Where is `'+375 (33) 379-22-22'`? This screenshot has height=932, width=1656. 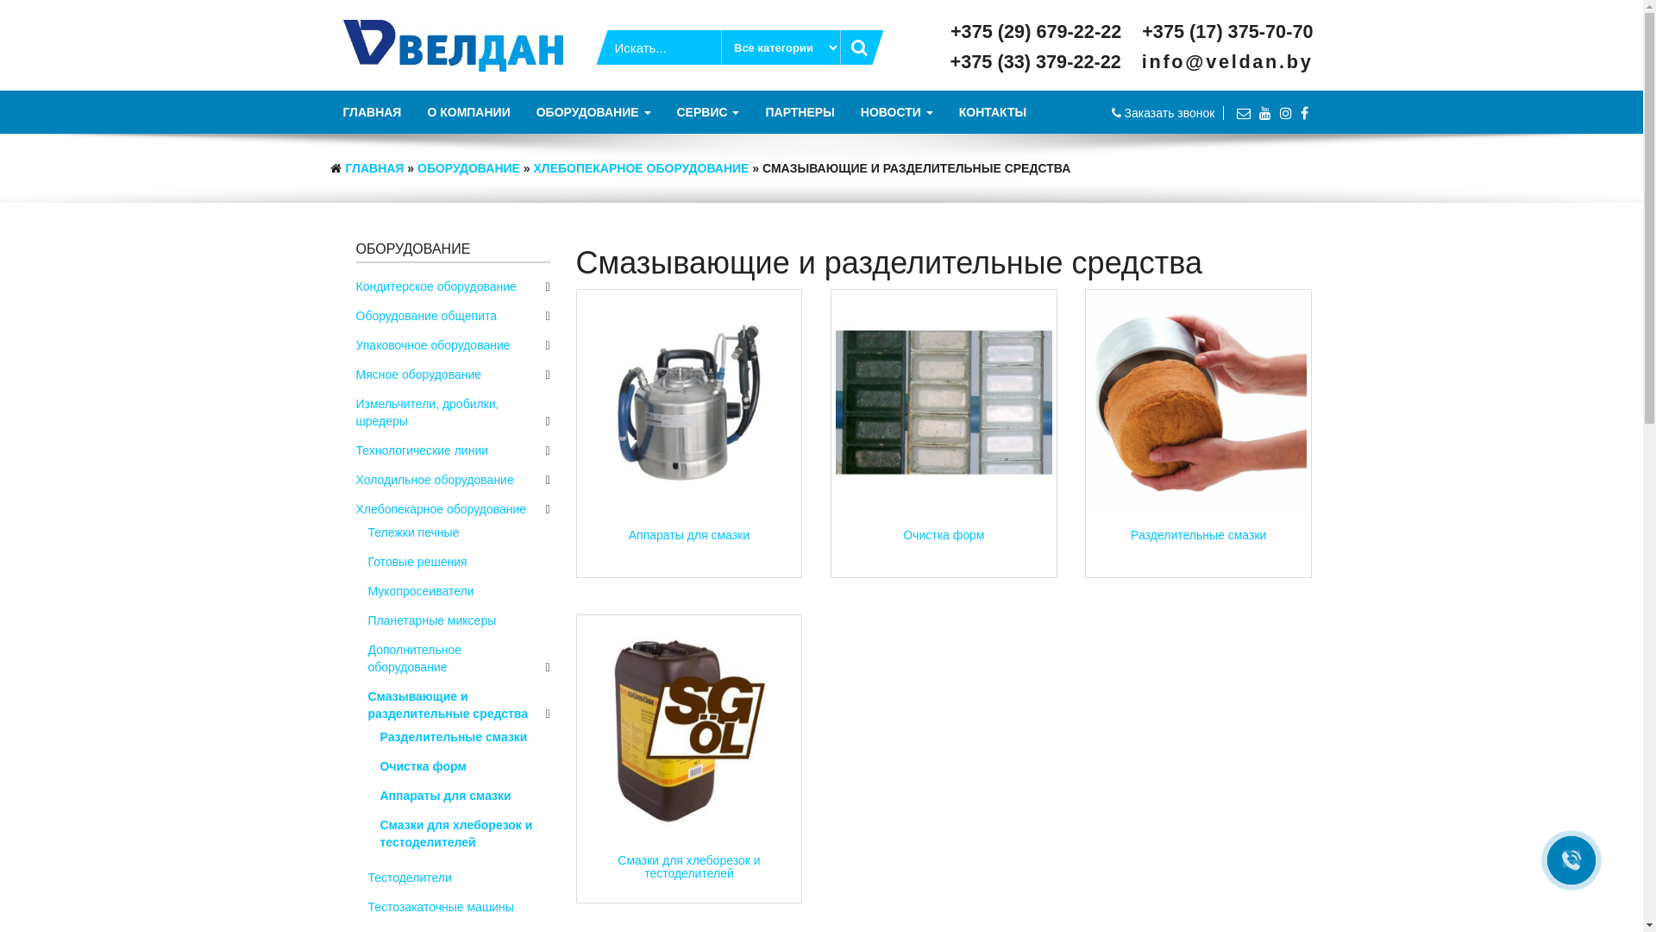 '+375 (33) 379-22-22' is located at coordinates (1038, 60).